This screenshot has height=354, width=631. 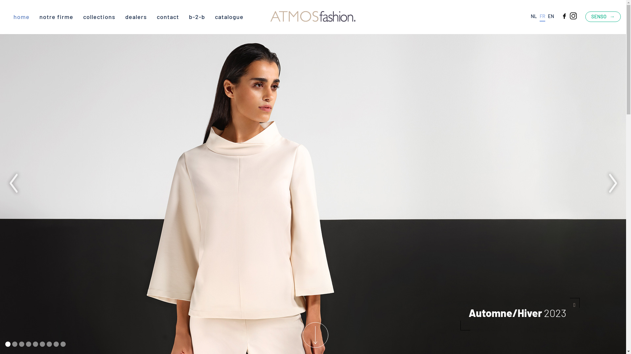 I want to click on 'SENSO', so click(x=603, y=16).